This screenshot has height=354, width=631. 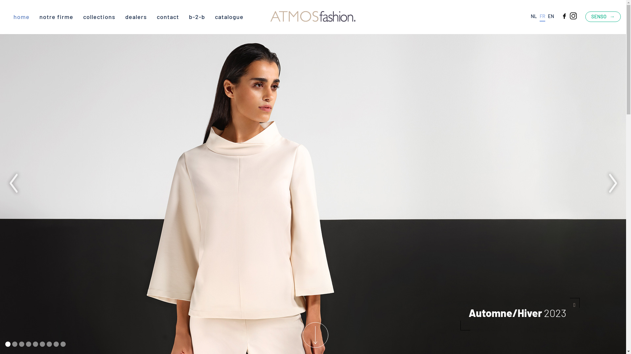 I want to click on 'SENSO', so click(x=603, y=16).